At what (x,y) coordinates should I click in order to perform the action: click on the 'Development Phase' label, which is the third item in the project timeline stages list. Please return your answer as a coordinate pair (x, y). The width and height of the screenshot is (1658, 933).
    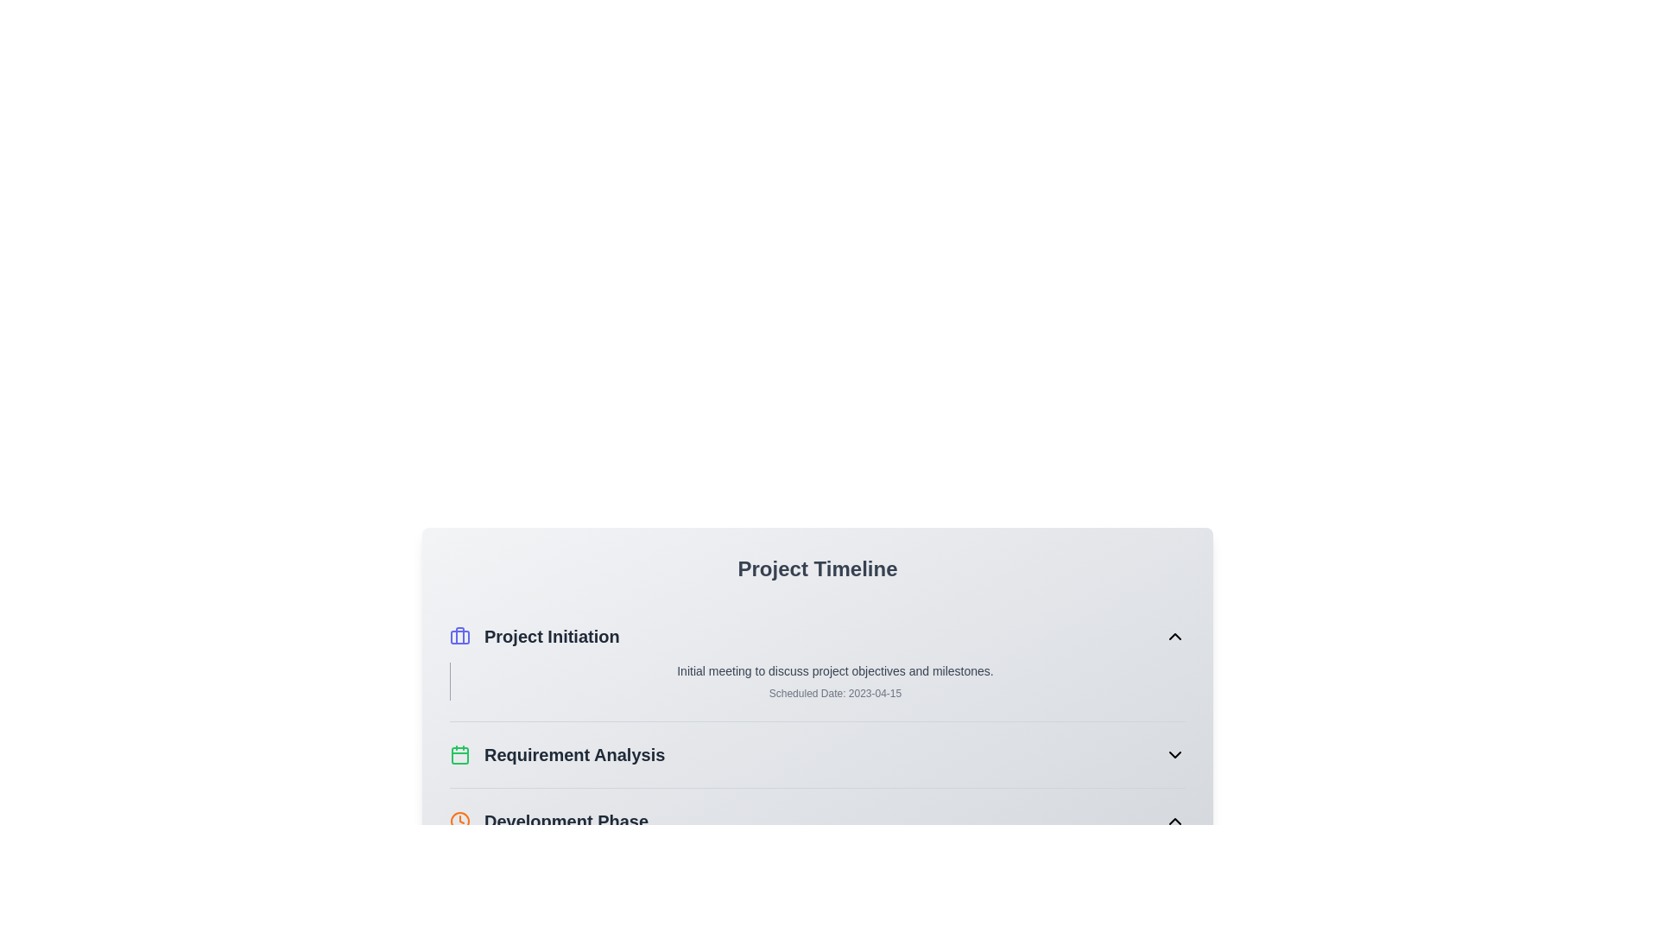
    Looking at the image, I should click on (548, 821).